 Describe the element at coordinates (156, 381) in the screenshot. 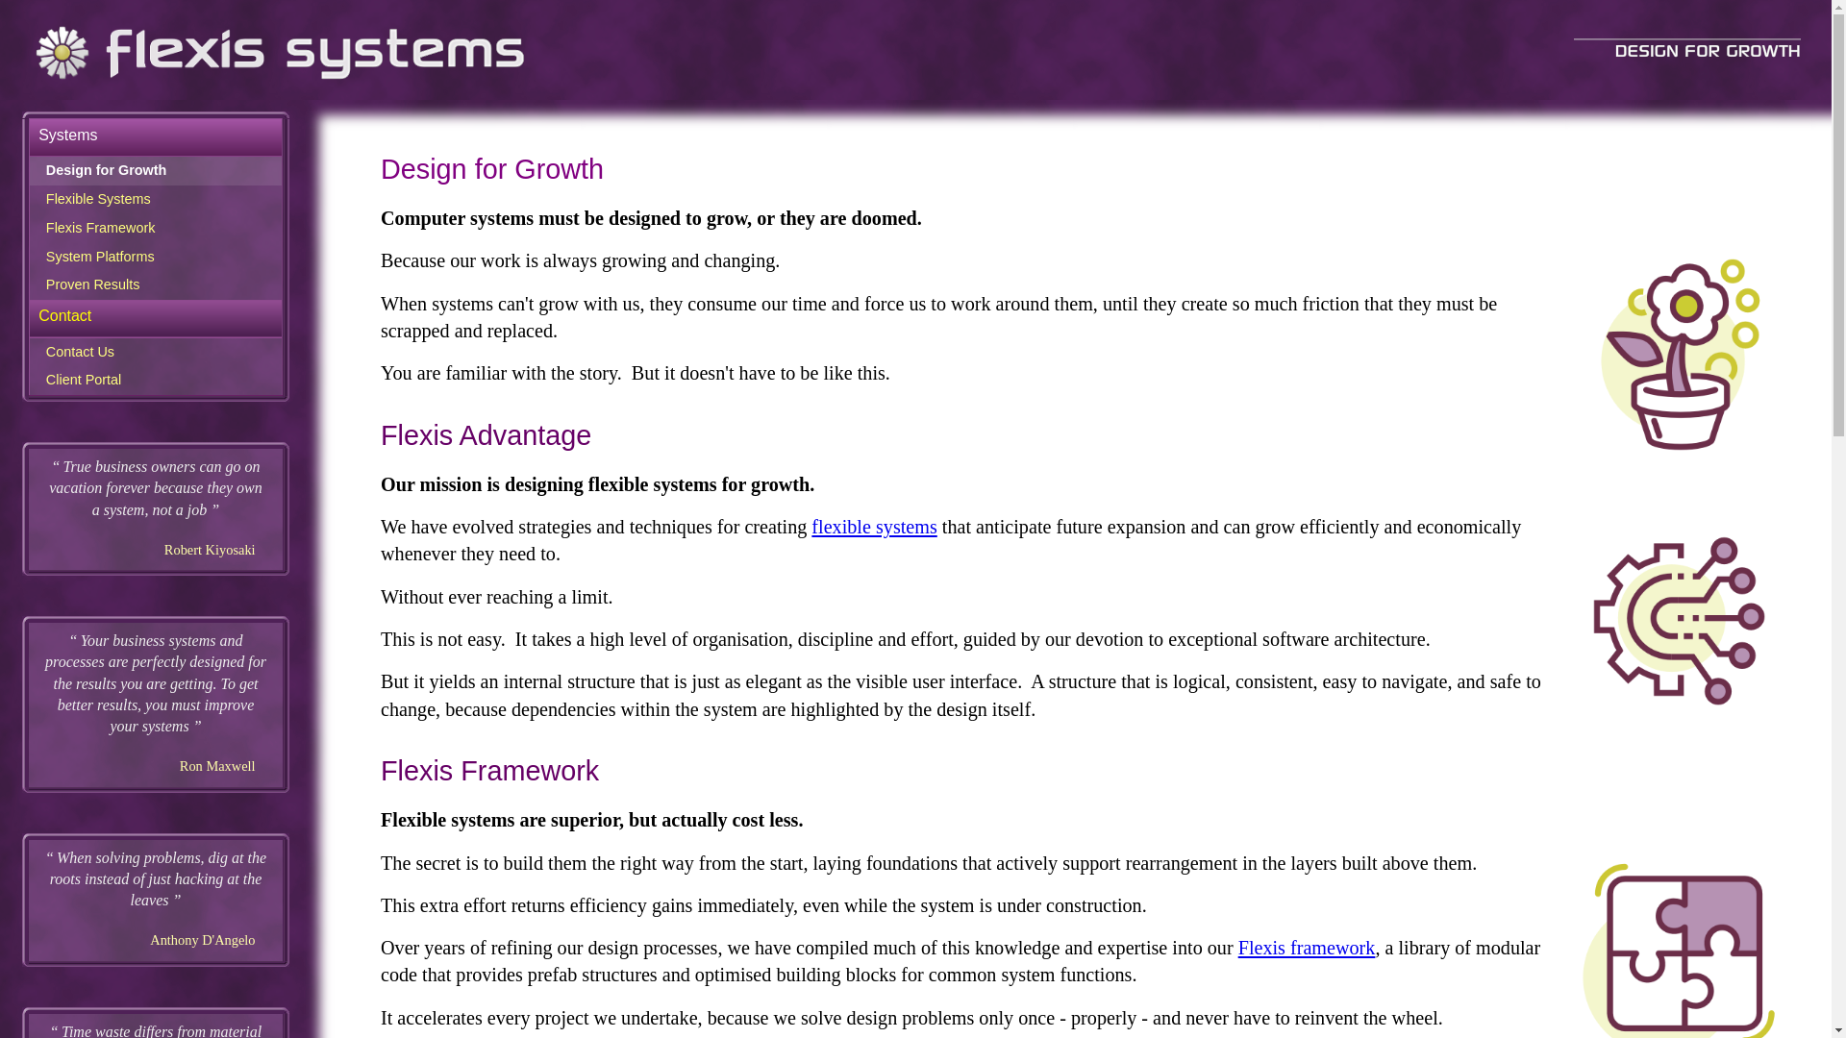

I see `'Client Portal'` at that location.